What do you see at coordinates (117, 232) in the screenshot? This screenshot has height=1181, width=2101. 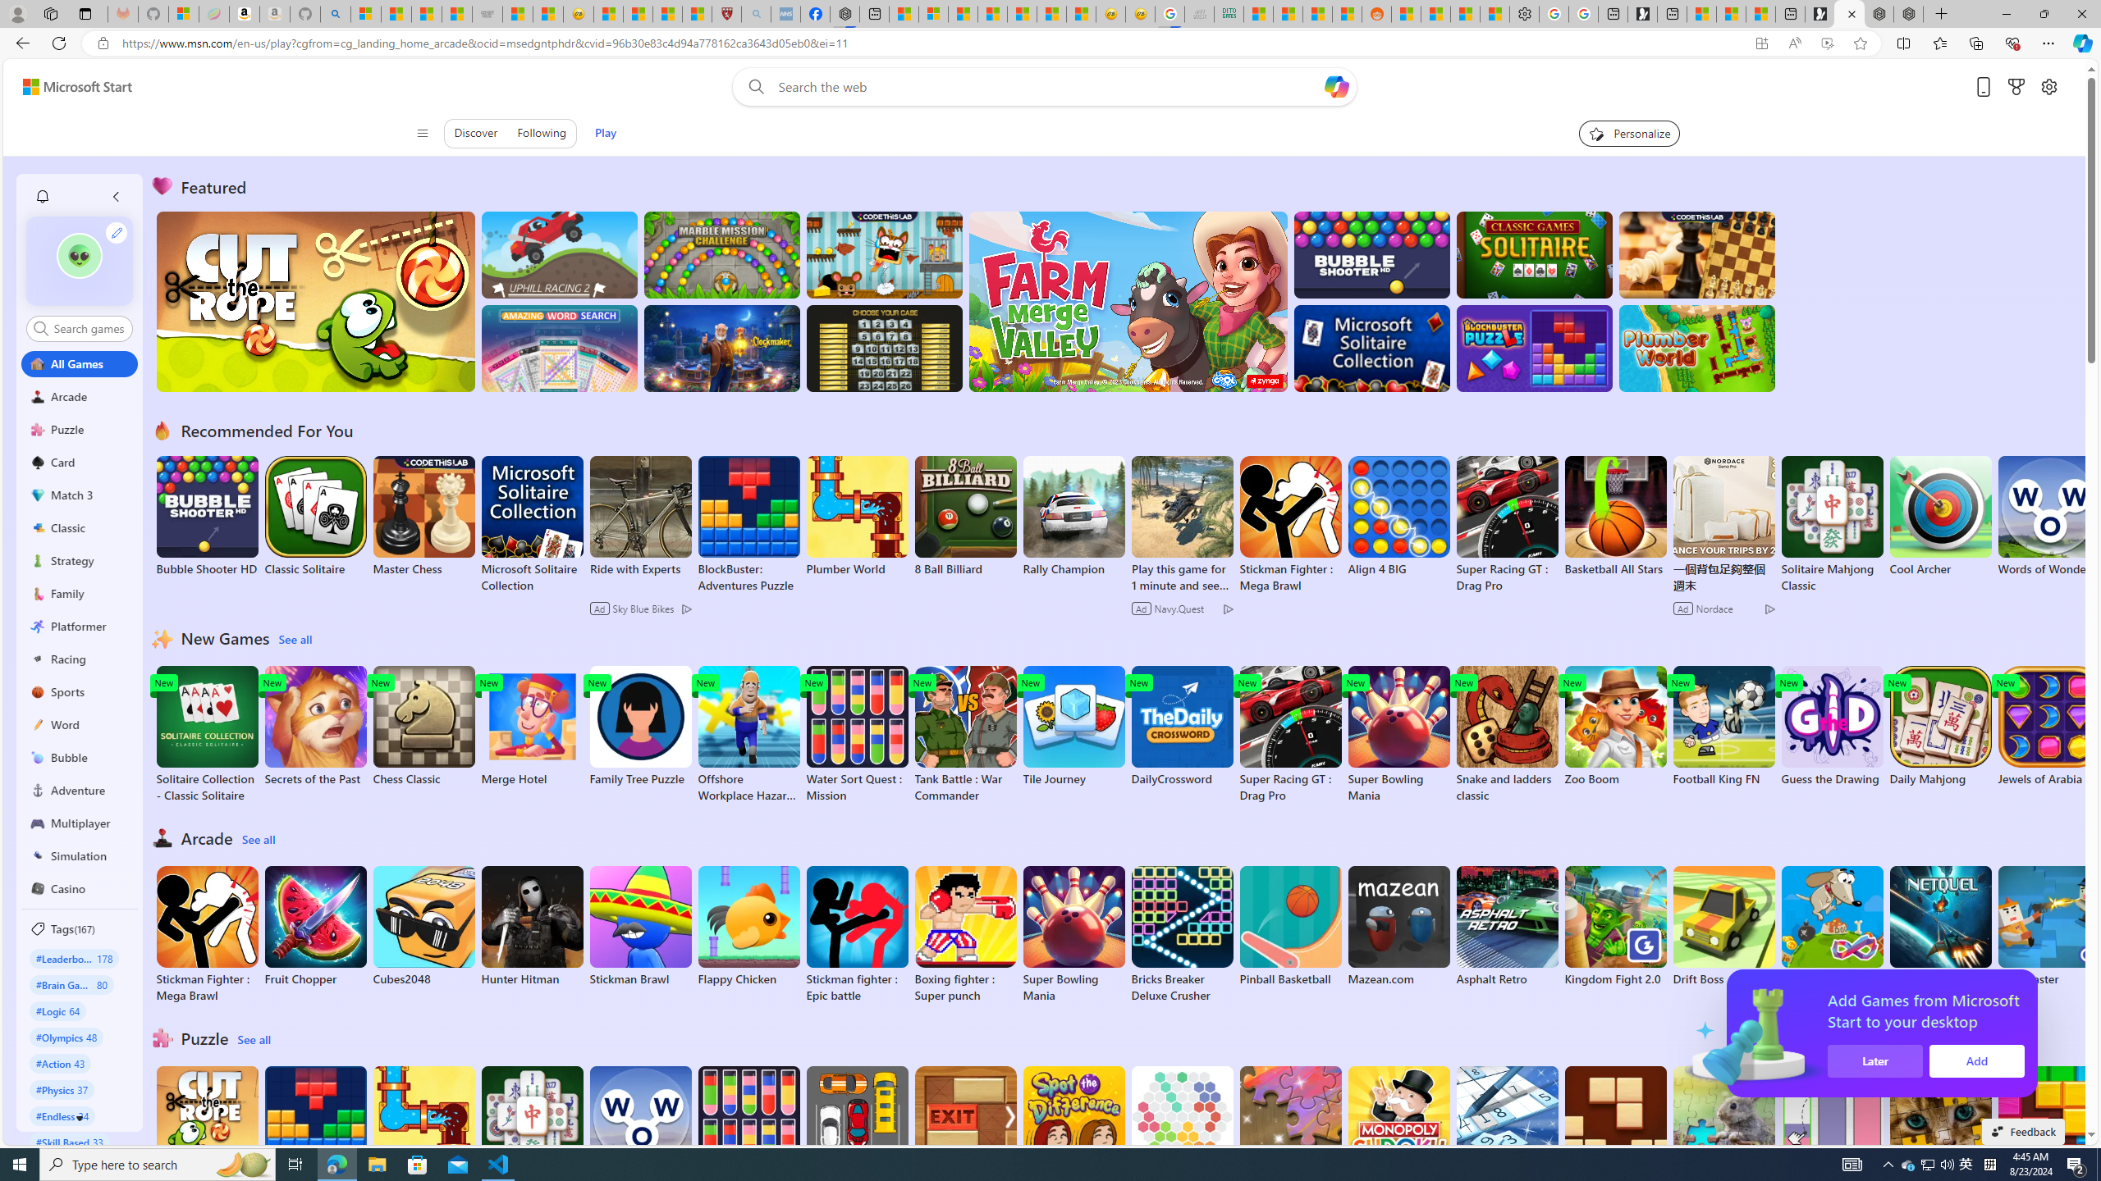 I see `'Class: profile-edit'` at bounding box center [117, 232].